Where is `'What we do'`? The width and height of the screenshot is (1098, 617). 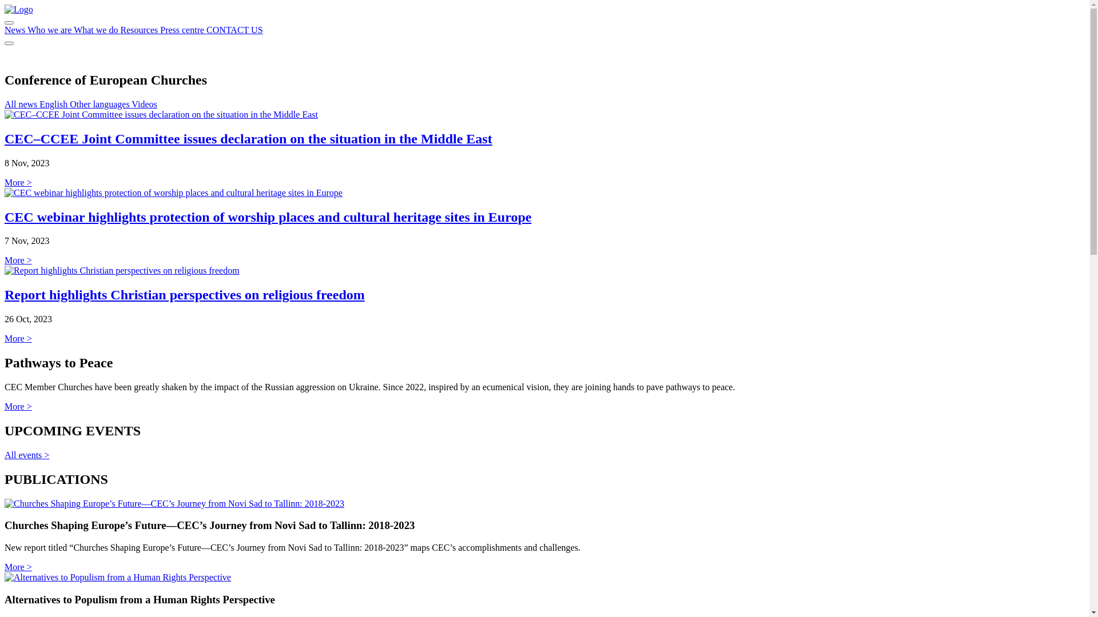
'What we do' is located at coordinates (97, 29).